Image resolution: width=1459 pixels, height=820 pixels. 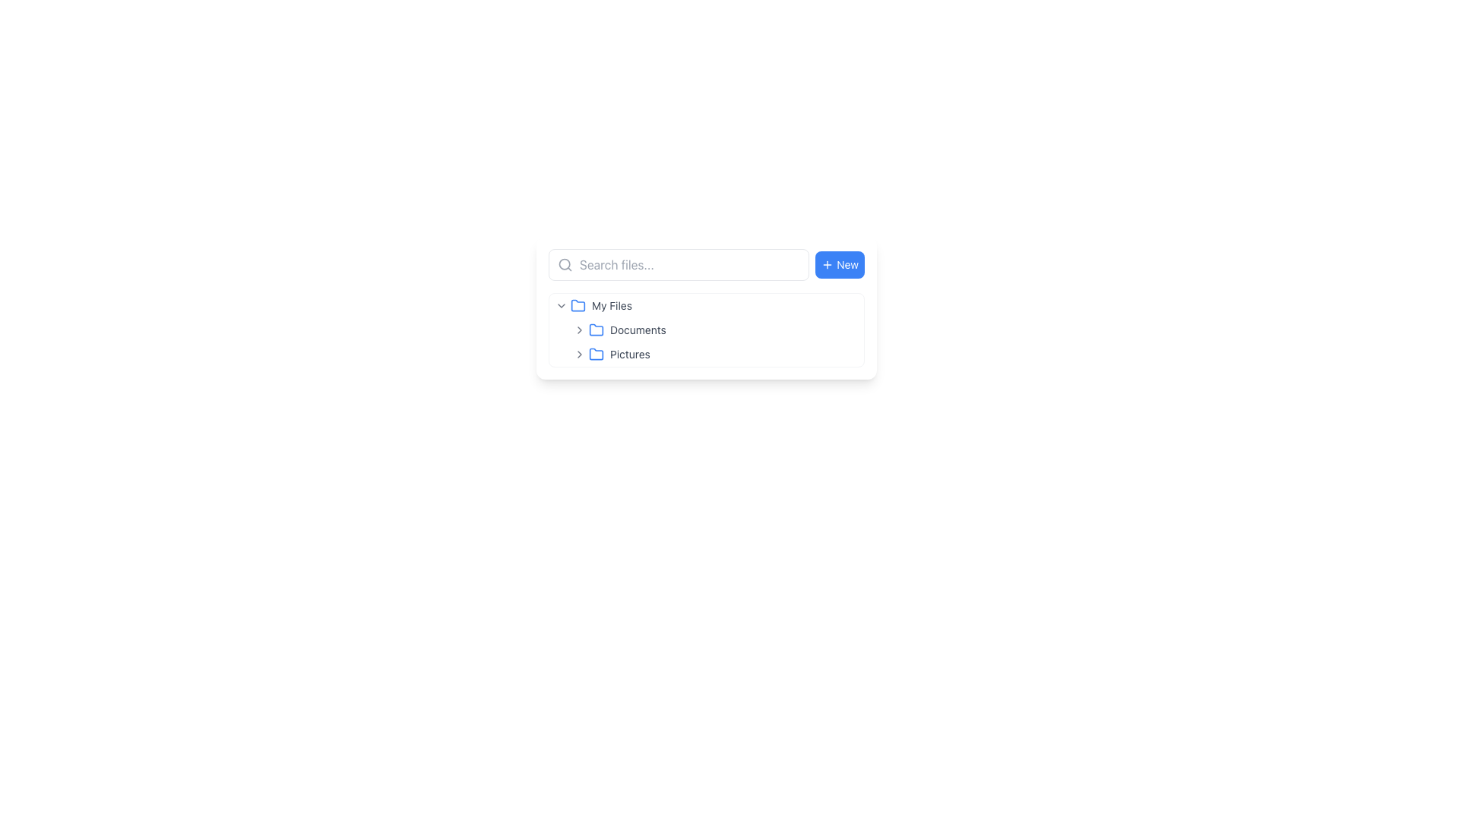 I want to click on the 'Pictures' folder entry in the file directory navigation list, so click(x=706, y=354).